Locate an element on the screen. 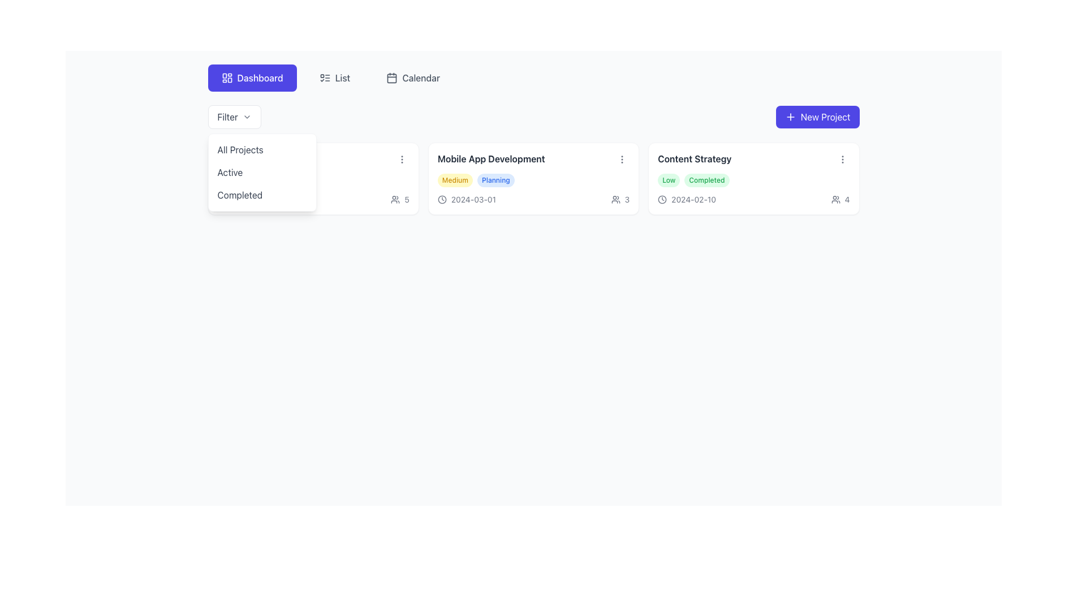 The height and width of the screenshot is (611, 1086). the user icon and number in the bottom-right corner of the 'Mobile App Development' card is located at coordinates (619, 199).